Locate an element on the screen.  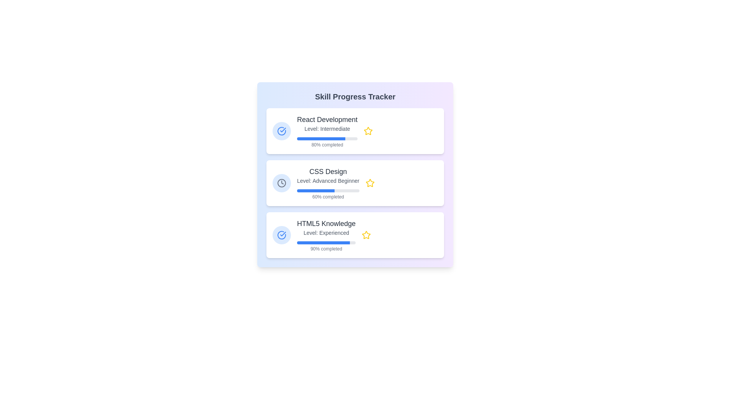
the compact progress bar located beneath the text 'CSS Design' and above the label '60% completed' is located at coordinates (328, 190).